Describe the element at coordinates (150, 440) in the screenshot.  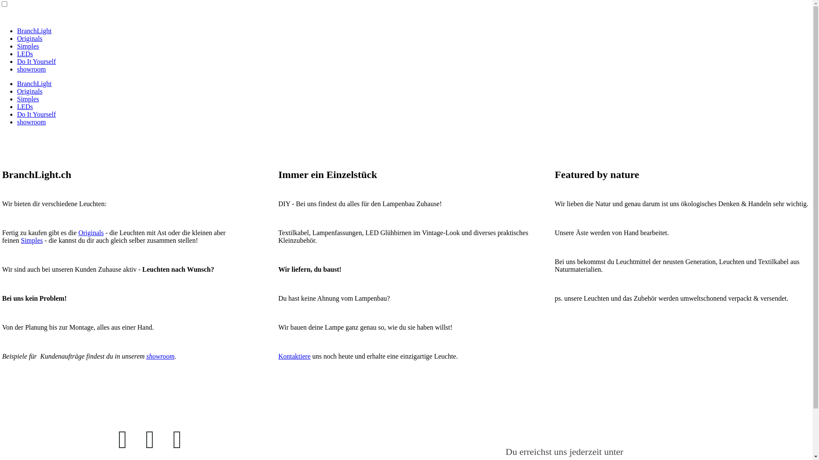
I see `'Twitter'` at that location.